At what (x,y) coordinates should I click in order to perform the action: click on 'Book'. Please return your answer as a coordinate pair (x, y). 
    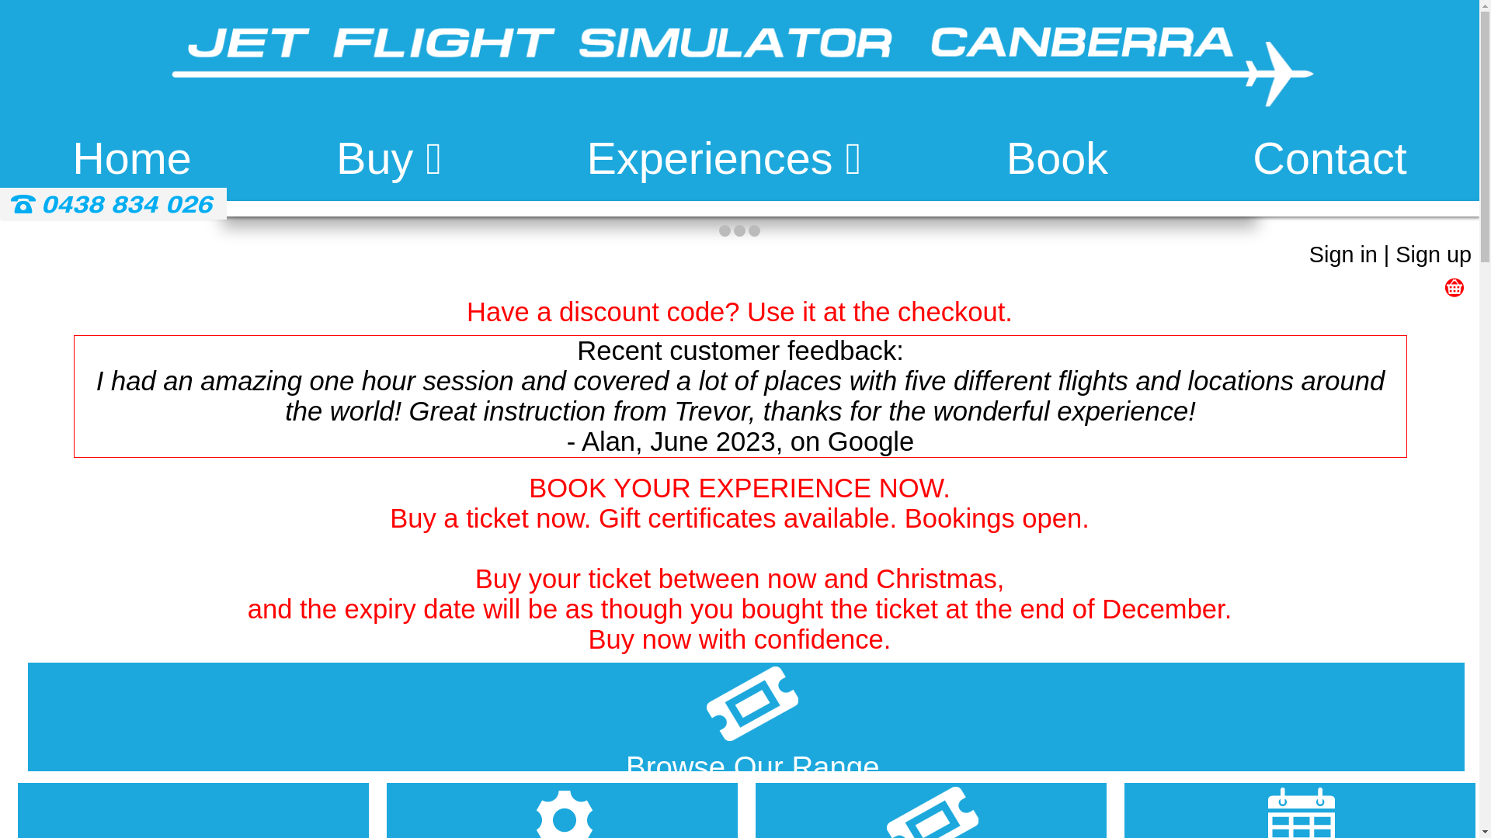
    Looking at the image, I should click on (1006, 160).